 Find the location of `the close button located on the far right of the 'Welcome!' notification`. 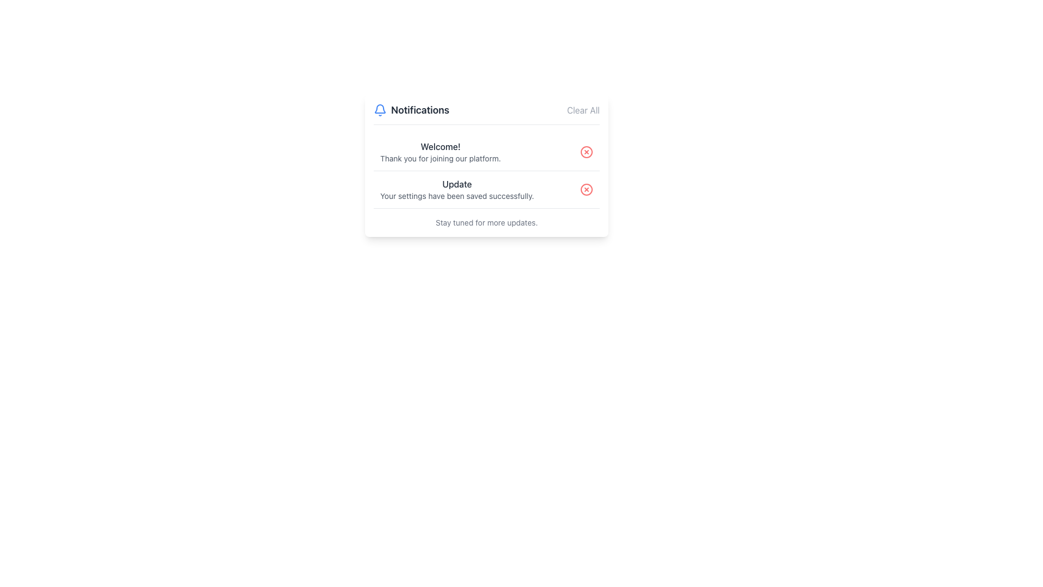

the close button located on the far right of the 'Welcome!' notification is located at coordinates (586, 152).